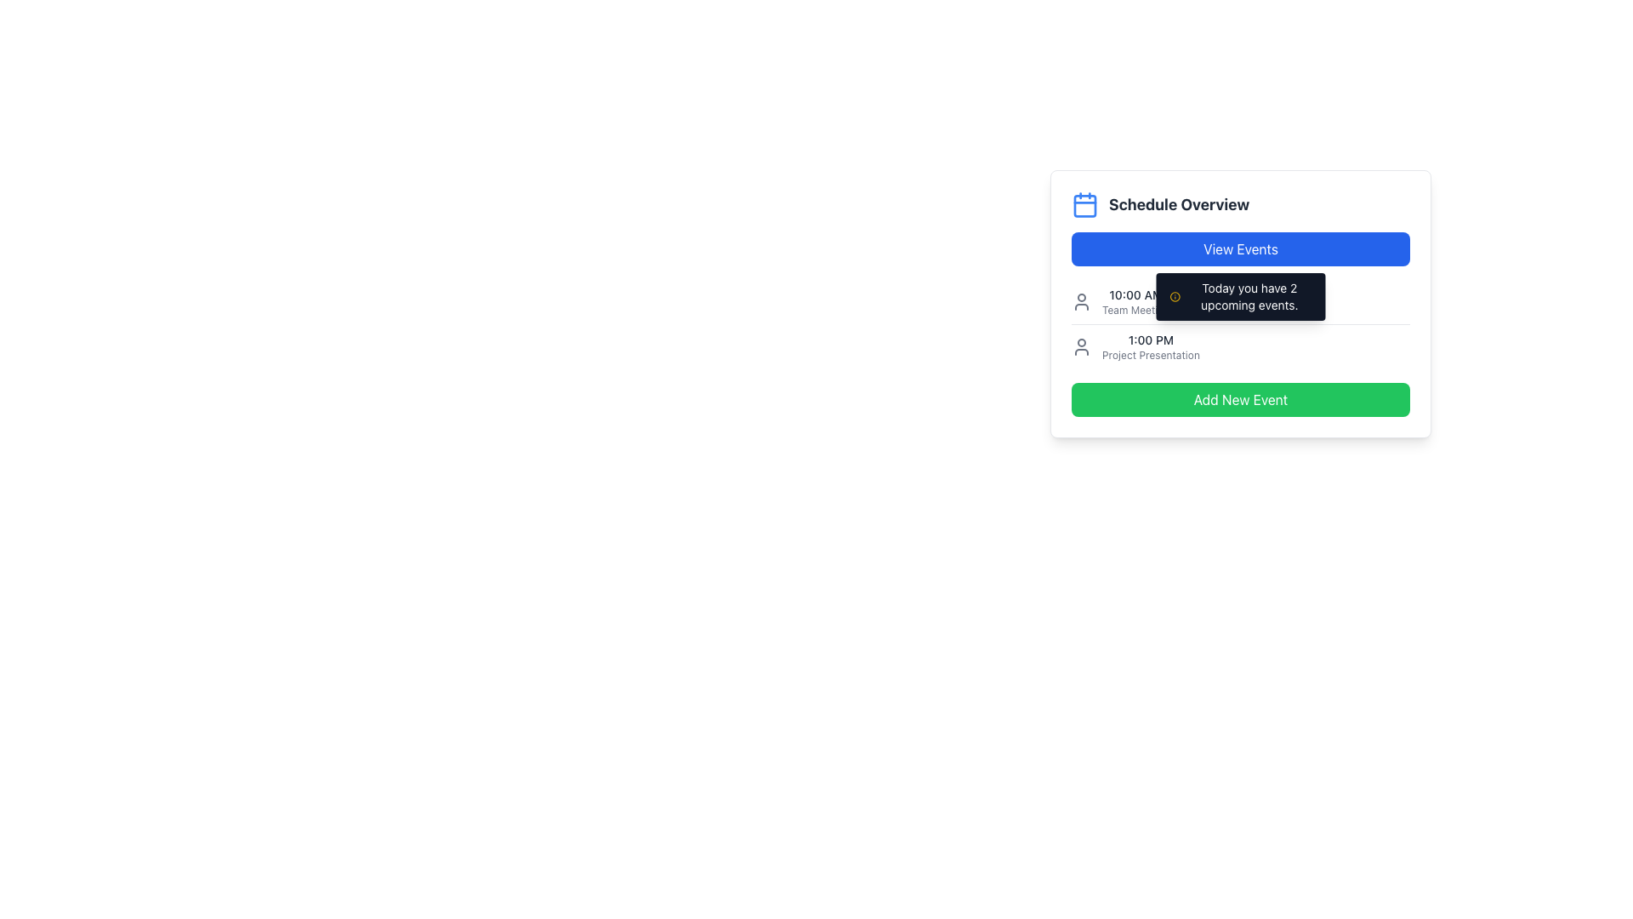  I want to click on the user profile icon, which is a gray circular outline resembling a head above a semicircular shape representing shoulders, located to the left of scheduled event text elements, so click(1081, 346).